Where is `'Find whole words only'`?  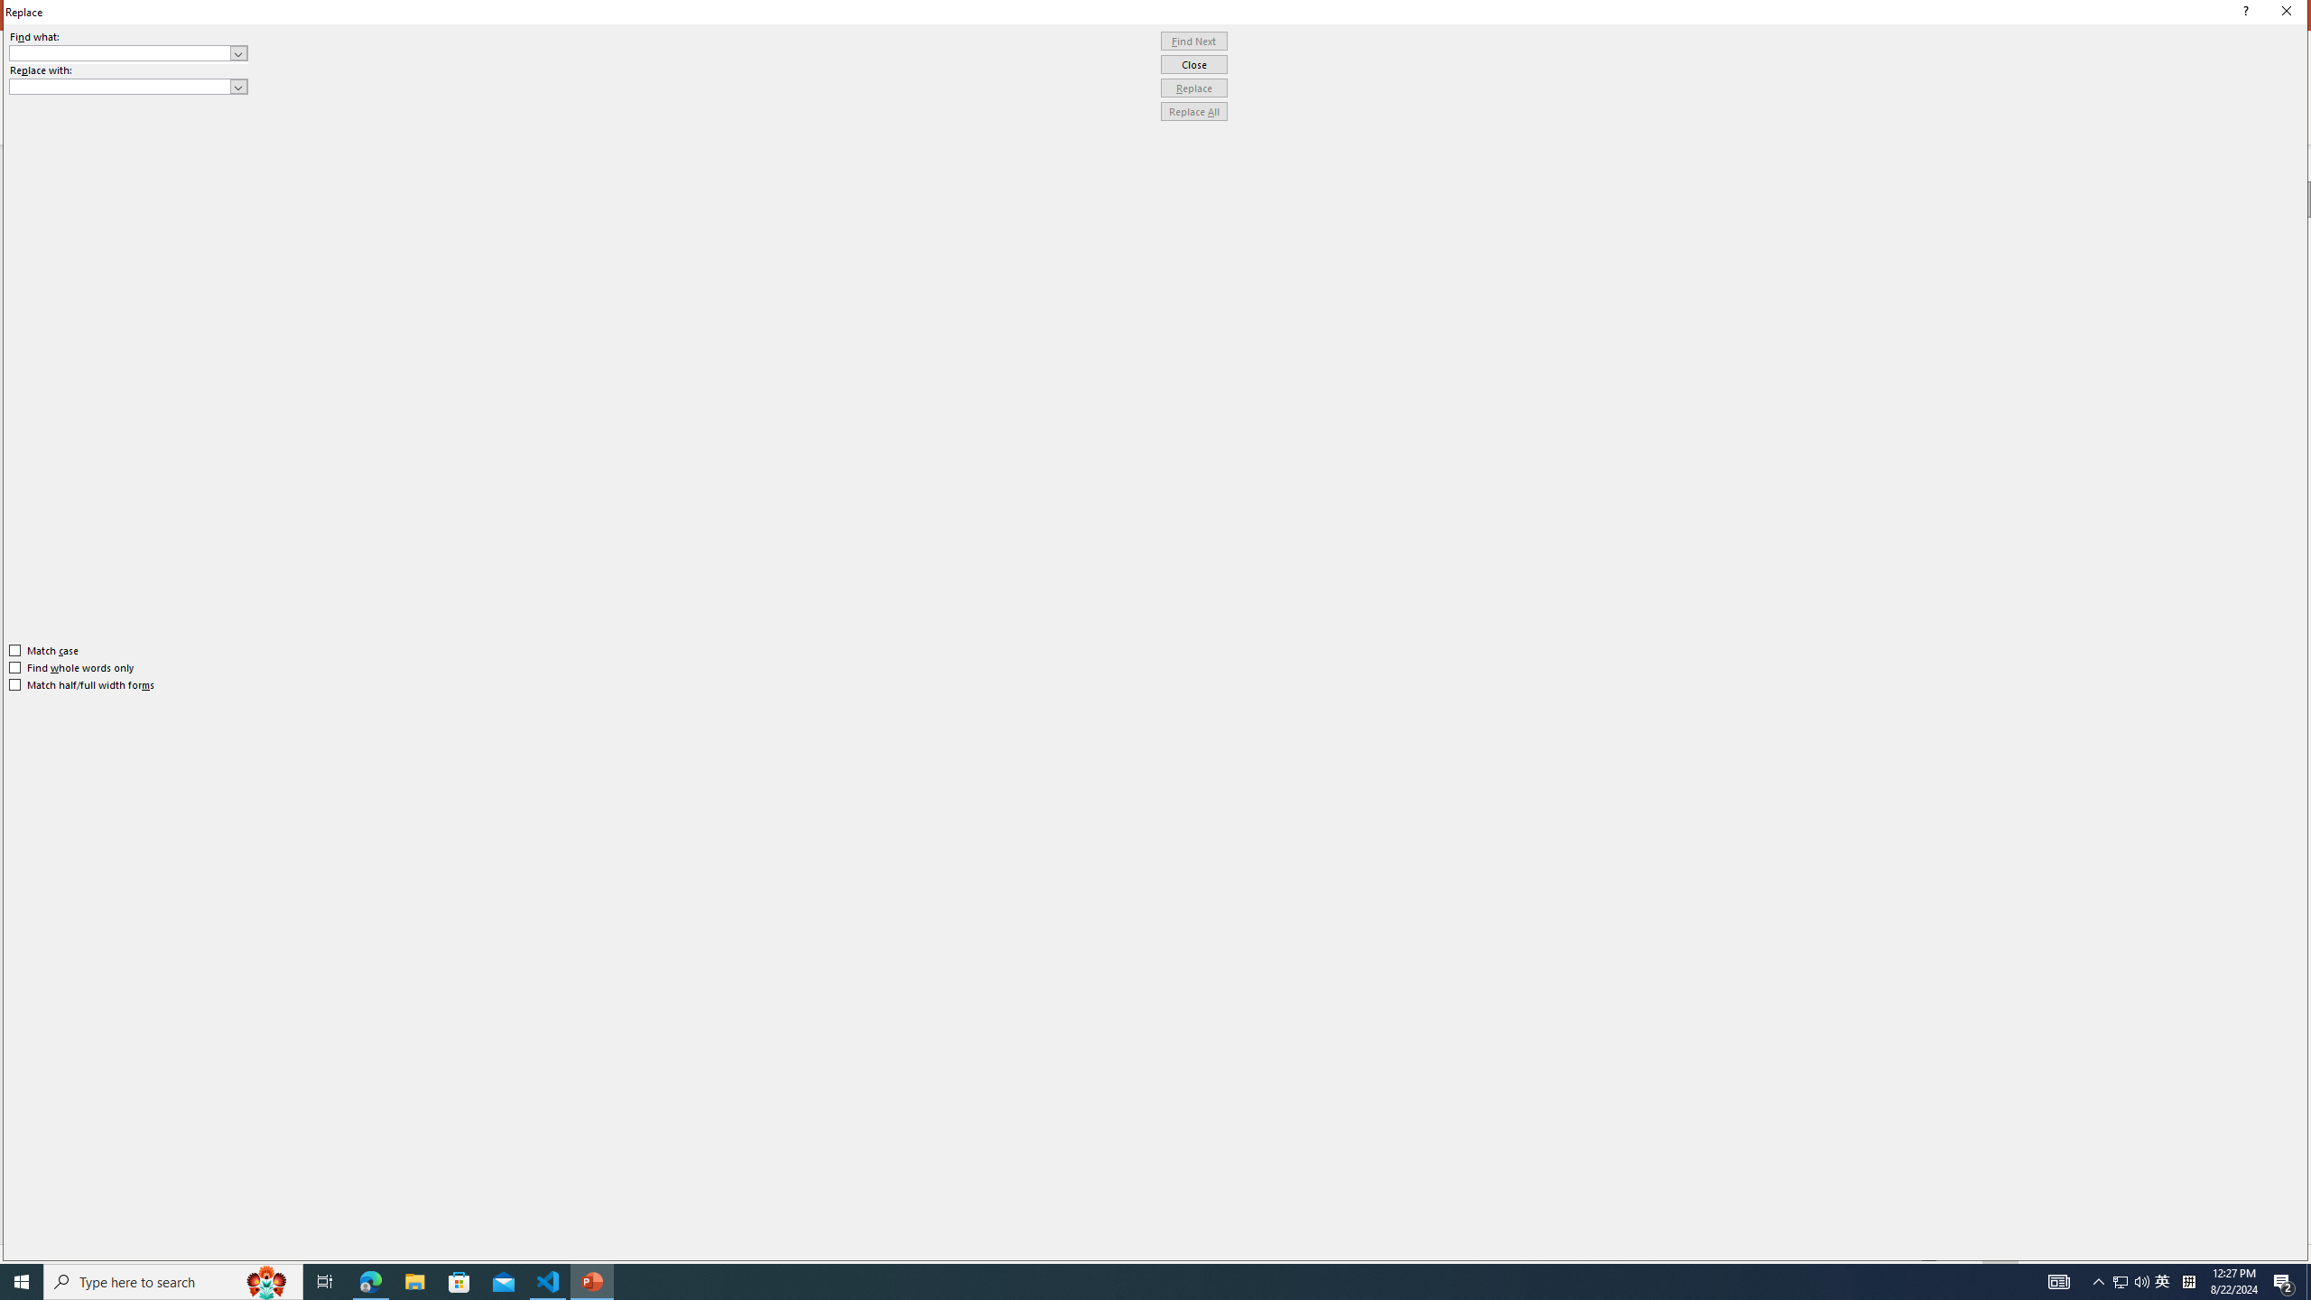 'Find whole words only' is located at coordinates (72, 667).